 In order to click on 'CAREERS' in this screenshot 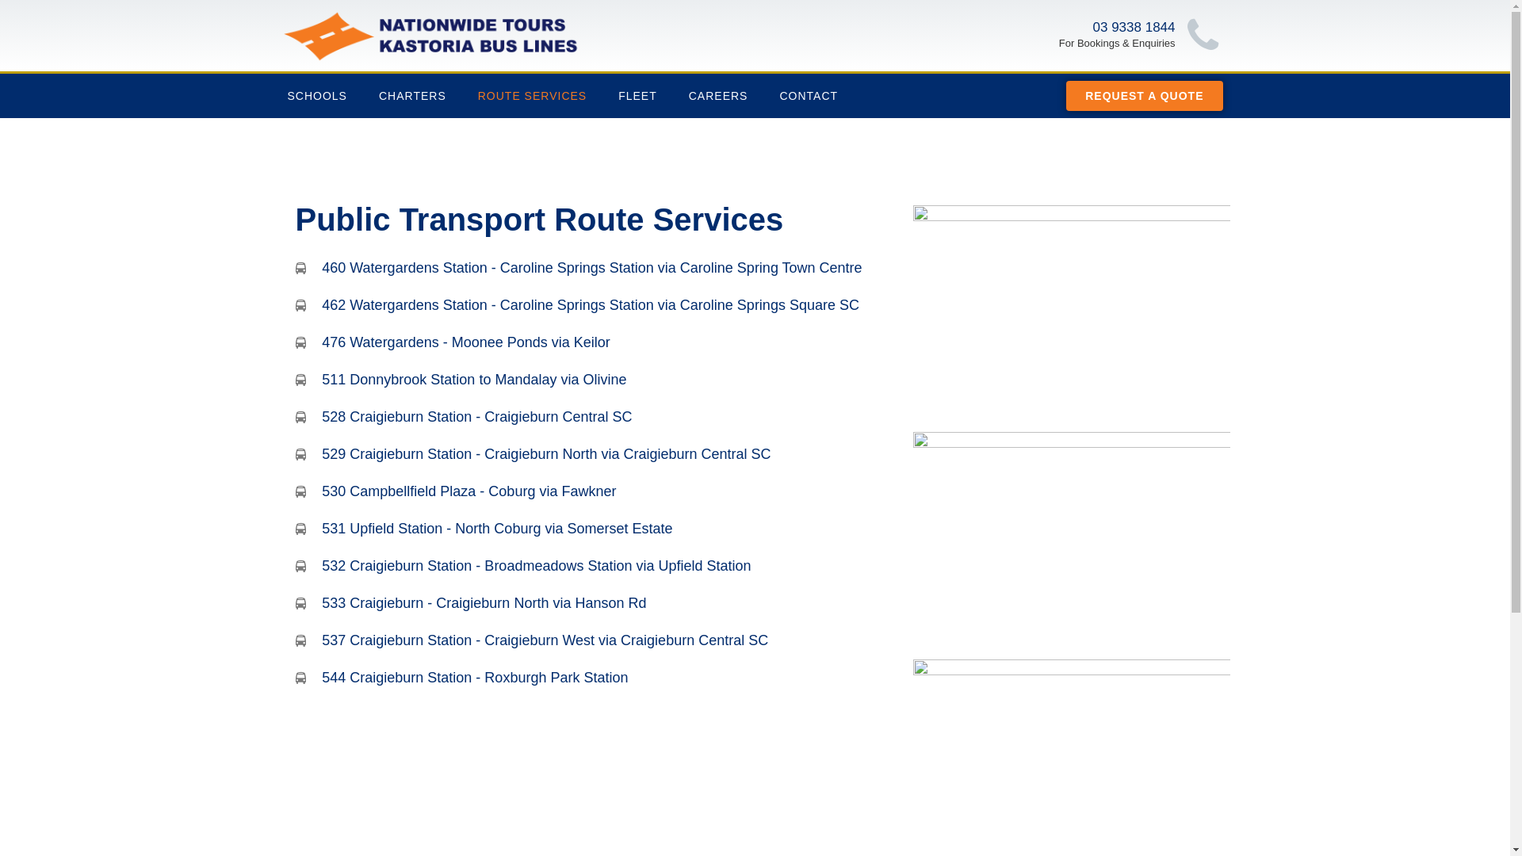, I will do `click(673, 95)`.